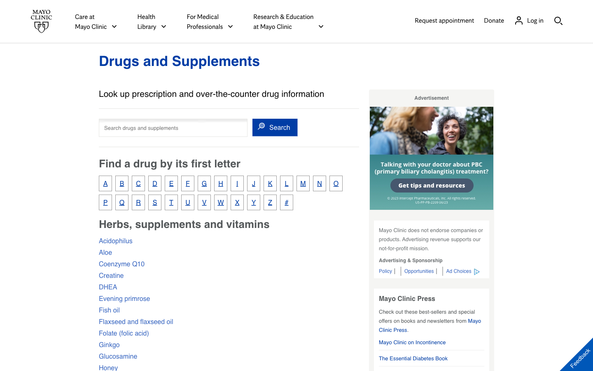 Image resolution: width=593 pixels, height=371 pixels. Describe the element at coordinates (210, 21) in the screenshot. I see `the "for medical professionals" page on the mayoclinic website and select the first available option` at that location.